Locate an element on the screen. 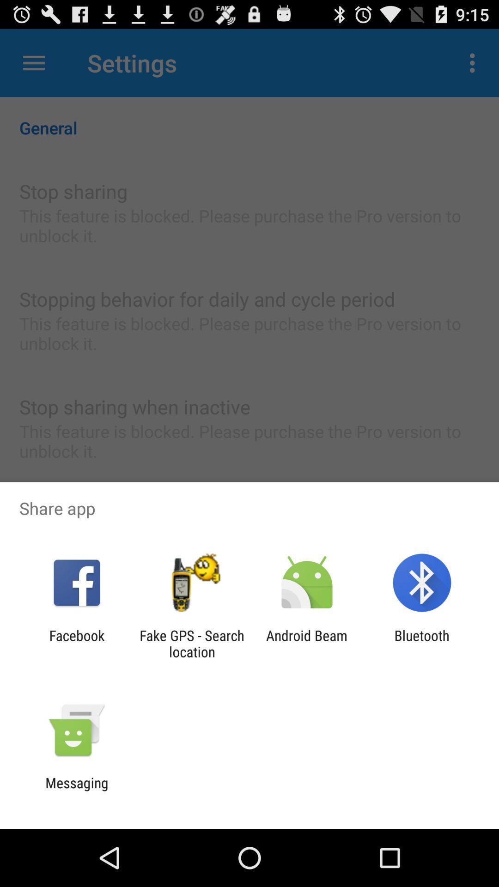 This screenshot has height=887, width=499. facebook app is located at coordinates (76, 643).